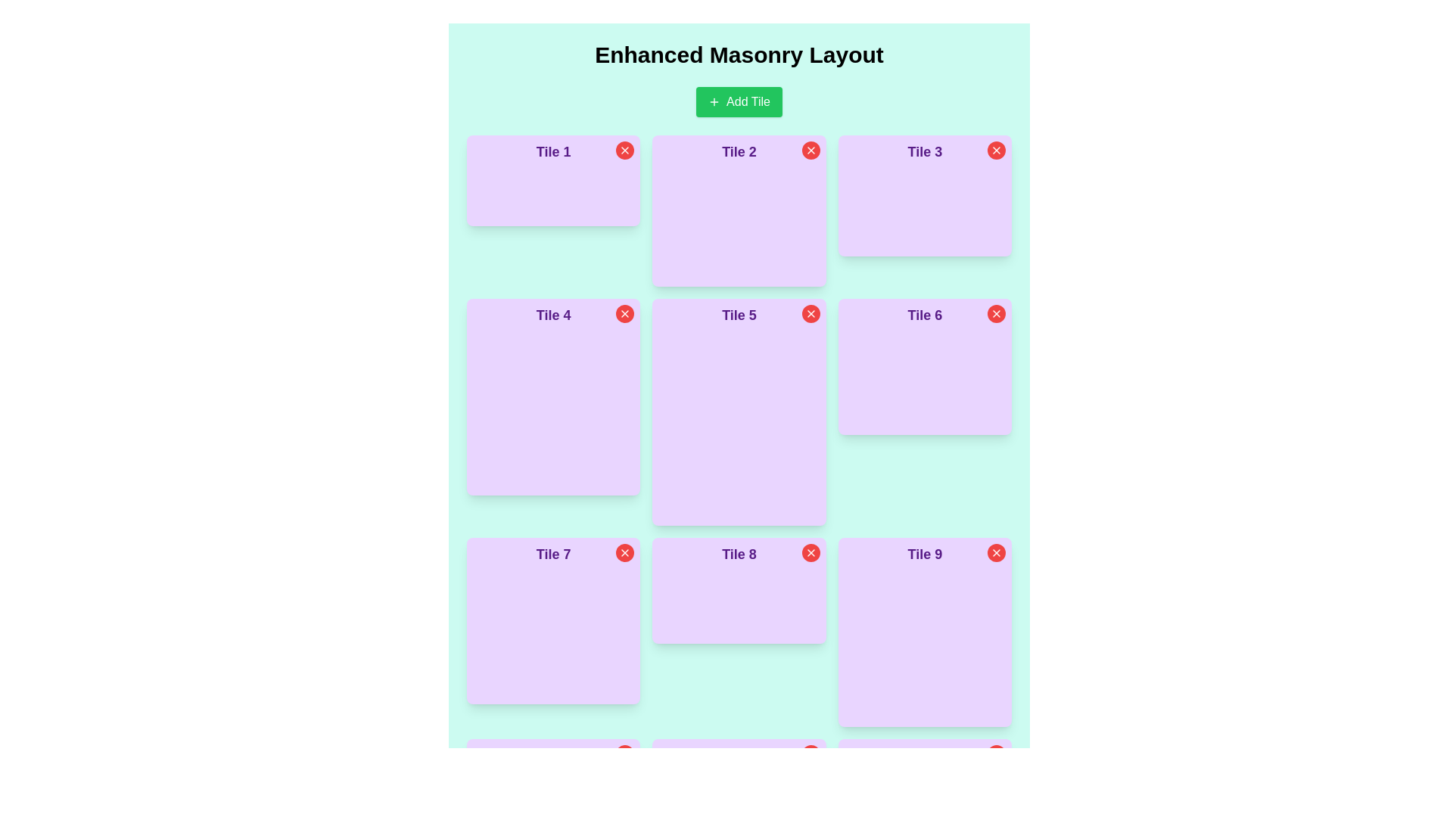  Describe the element at coordinates (739, 589) in the screenshot. I see `the card component labeled 'Tile 8'` at that location.